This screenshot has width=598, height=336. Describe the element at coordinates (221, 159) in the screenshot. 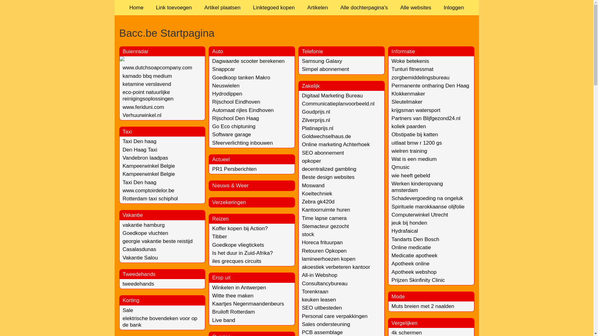

I see `'Actueel'` at that location.